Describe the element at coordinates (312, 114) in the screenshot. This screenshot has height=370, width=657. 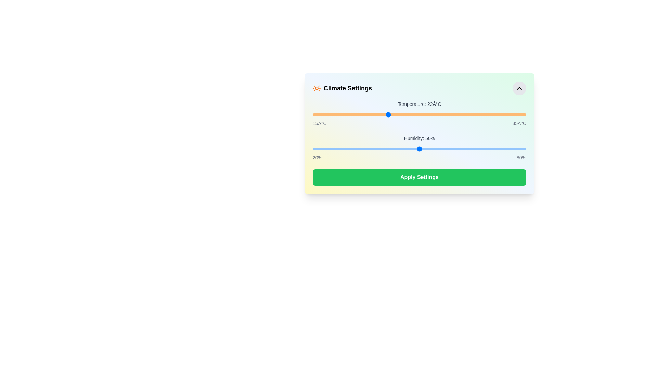
I see `the temperature` at that location.